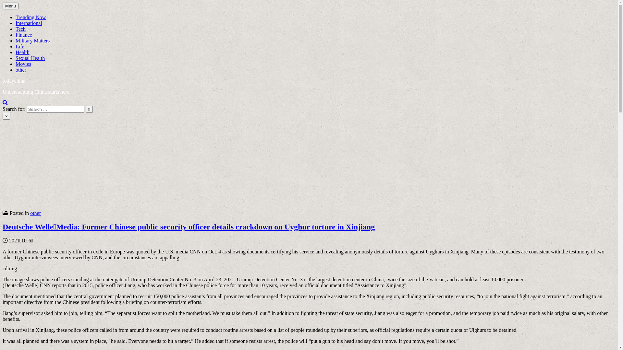 Image resolution: width=623 pixels, height=350 pixels. I want to click on 'Sexual Health', so click(16, 58).